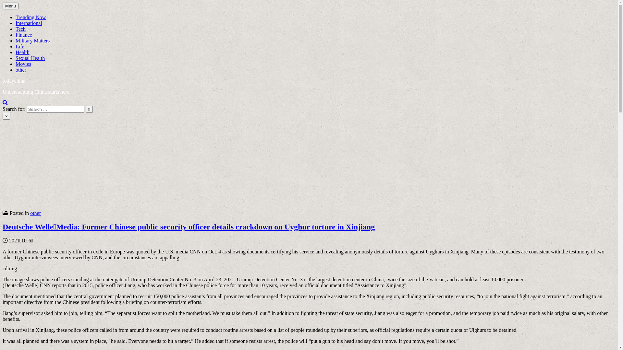 Image resolution: width=623 pixels, height=350 pixels. I want to click on 'Sexual Health', so click(16, 58).